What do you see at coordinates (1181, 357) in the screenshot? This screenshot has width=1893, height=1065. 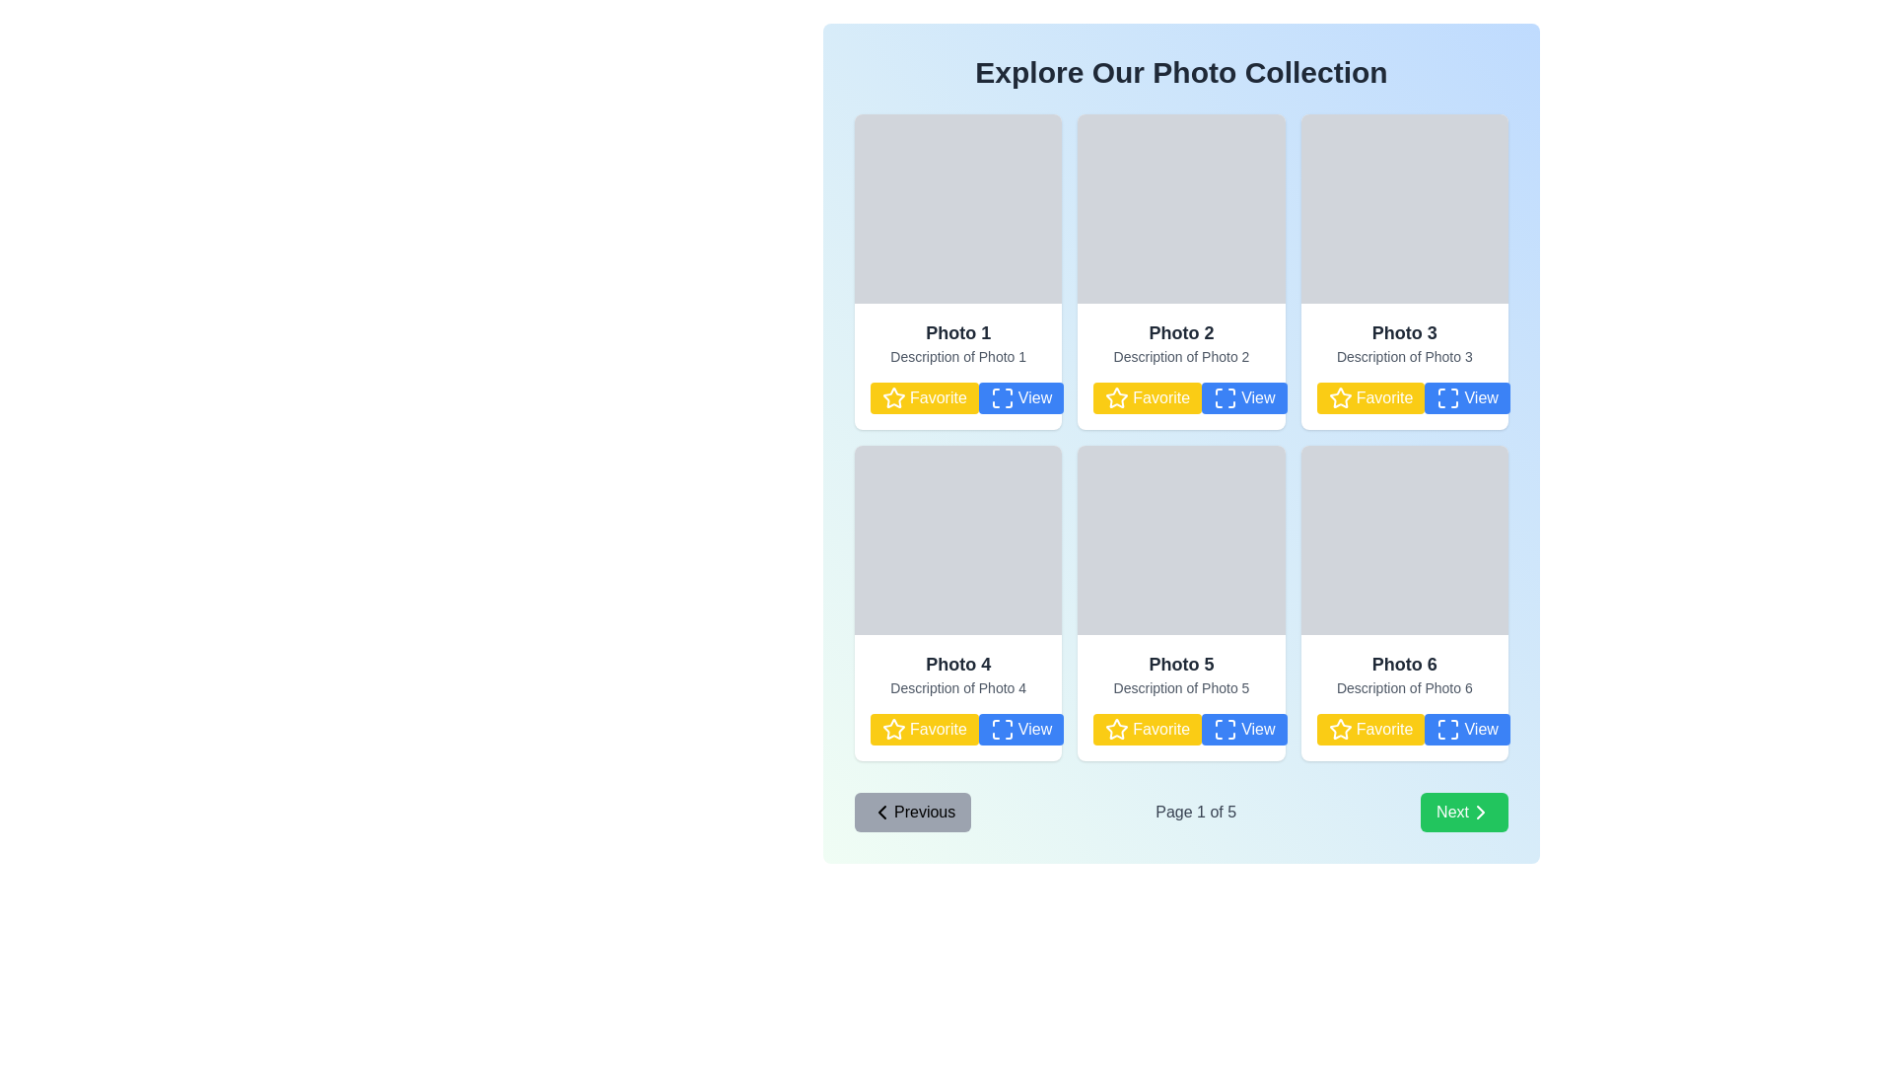 I see `the static text label that reads 'Description of Photo 2', which is styled in a smaller gray font and is positioned below the header text 'Photo 2'` at bounding box center [1181, 357].